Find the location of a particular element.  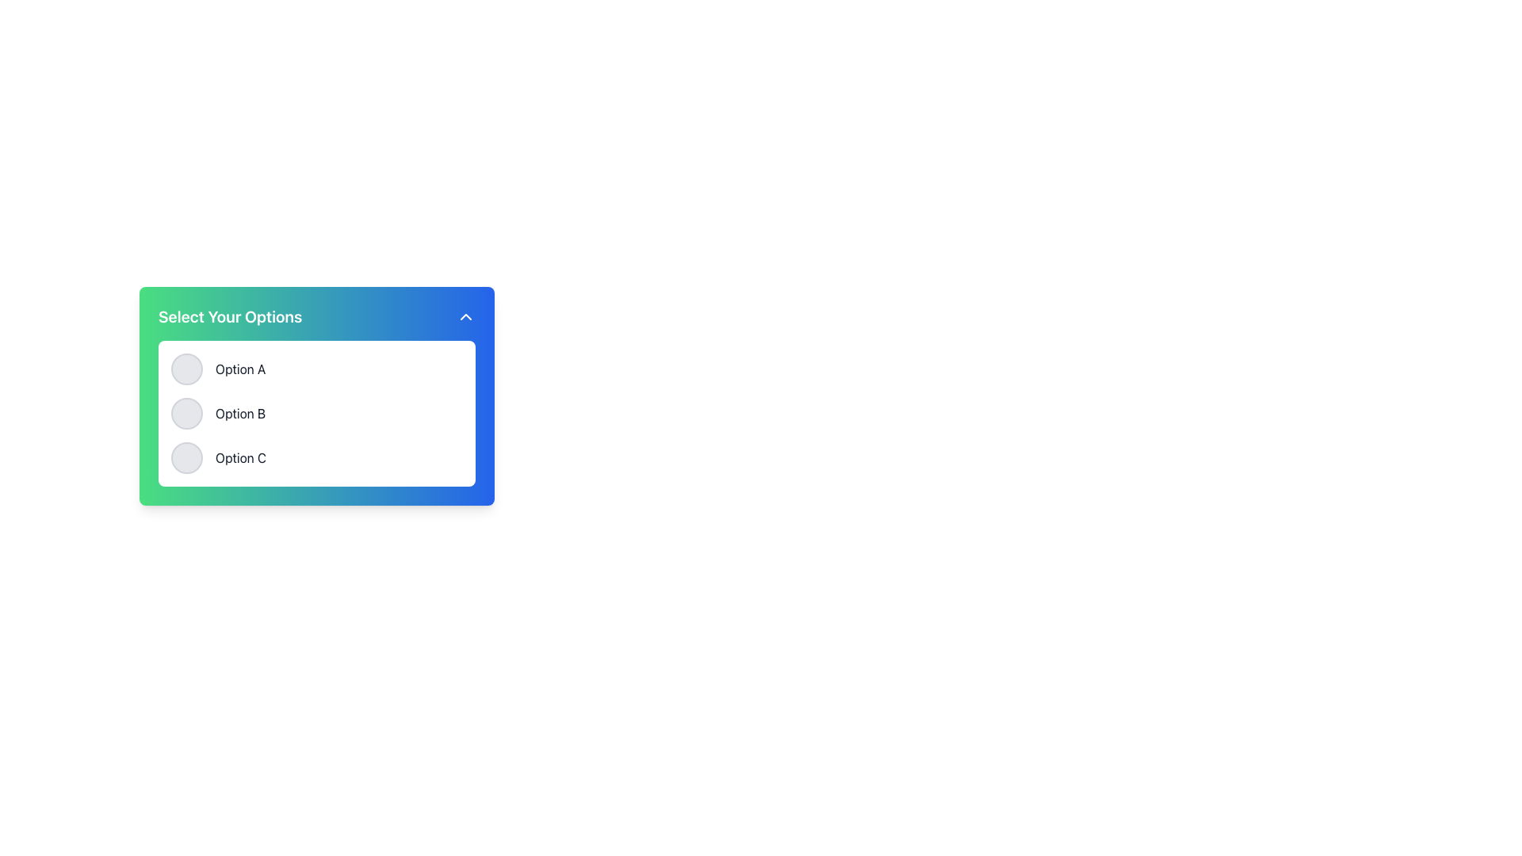

the circular button of the 'Option B' selector is located at coordinates (316, 412).